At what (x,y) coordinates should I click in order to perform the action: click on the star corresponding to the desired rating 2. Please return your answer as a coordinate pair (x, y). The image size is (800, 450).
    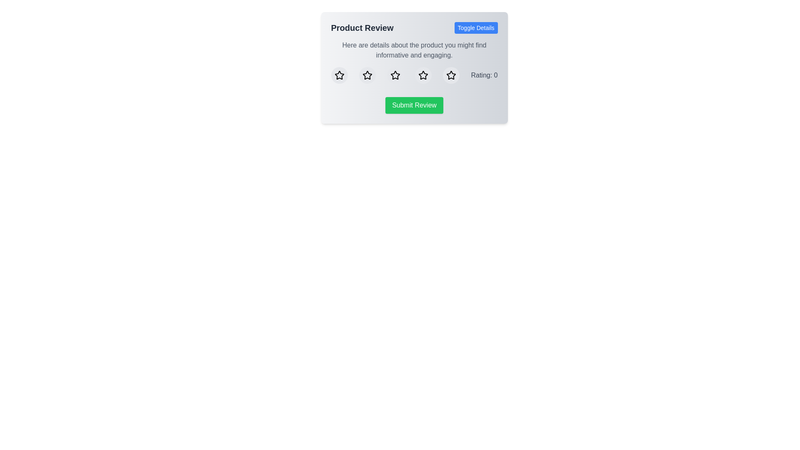
    Looking at the image, I should click on (367, 75).